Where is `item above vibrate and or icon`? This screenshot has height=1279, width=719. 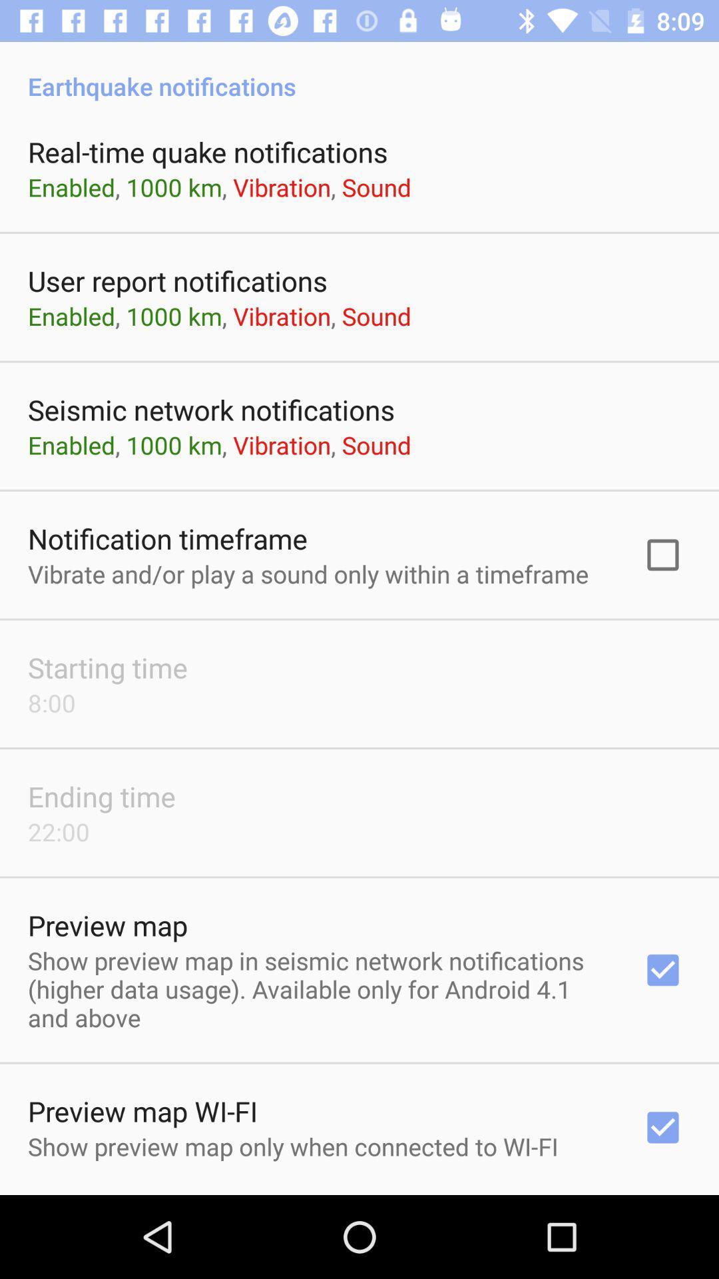
item above vibrate and or icon is located at coordinates (166, 538).